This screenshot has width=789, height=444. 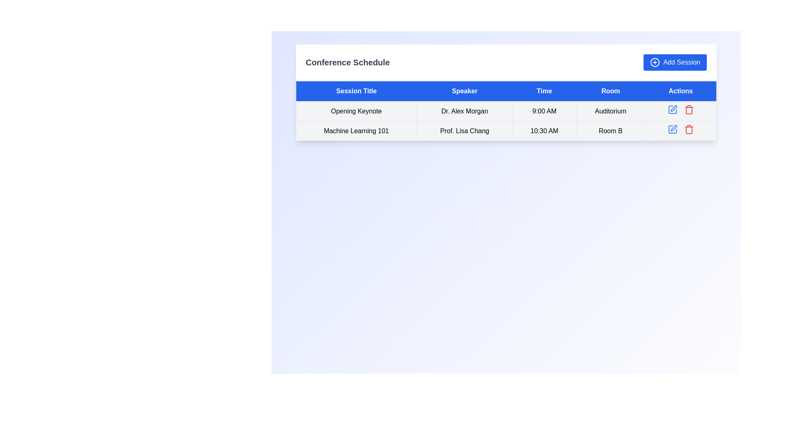 I want to click on the 'Session Title' header cell, which is the first cell, so click(x=356, y=91).